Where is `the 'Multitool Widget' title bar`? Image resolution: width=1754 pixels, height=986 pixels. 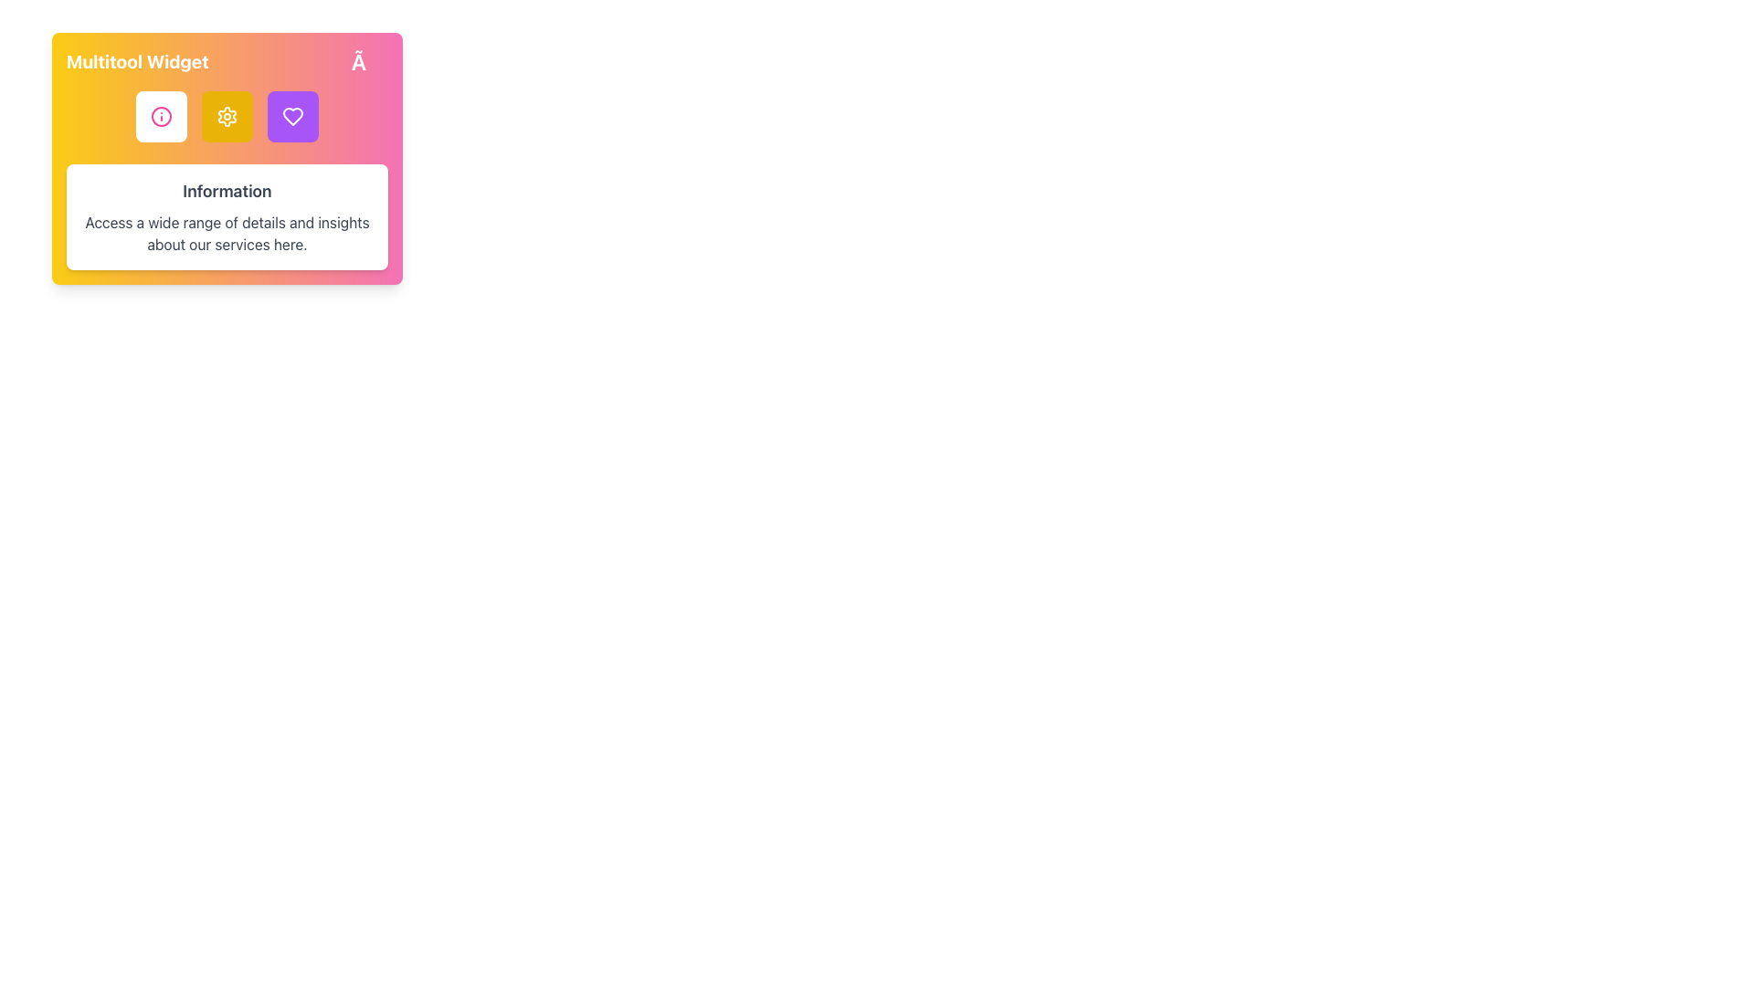
the 'Multitool Widget' title bar is located at coordinates (227, 61).